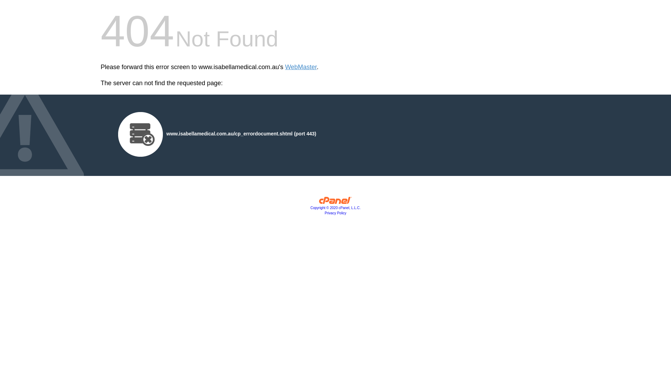 Image resolution: width=671 pixels, height=377 pixels. What do you see at coordinates (301, 67) in the screenshot?
I see `'WebMaster'` at bounding box center [301, 67].